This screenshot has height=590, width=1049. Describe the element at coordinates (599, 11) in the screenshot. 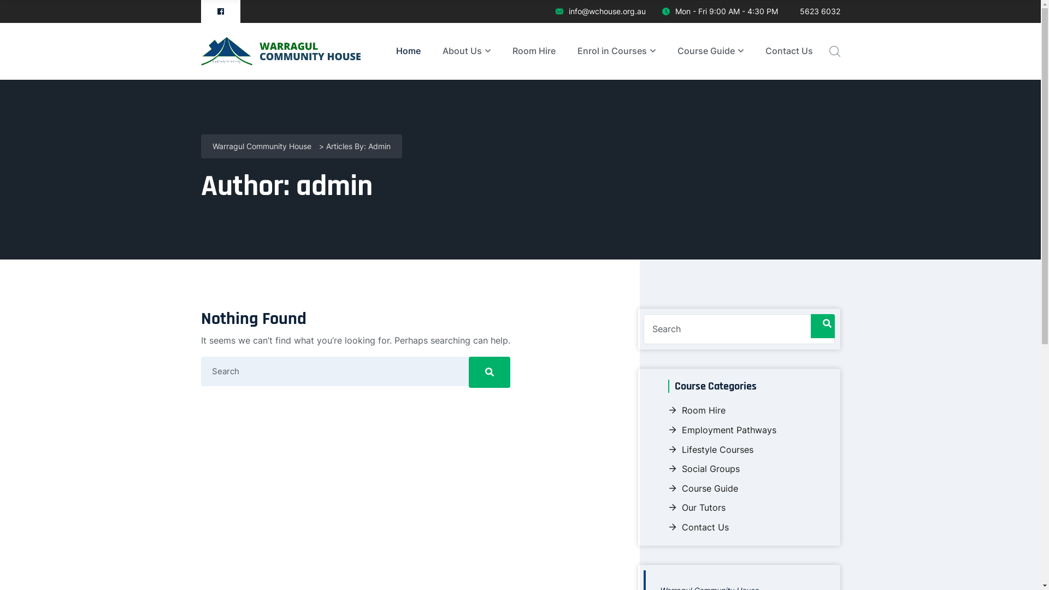

I see `'info@wchouse.org.au'` at that location.